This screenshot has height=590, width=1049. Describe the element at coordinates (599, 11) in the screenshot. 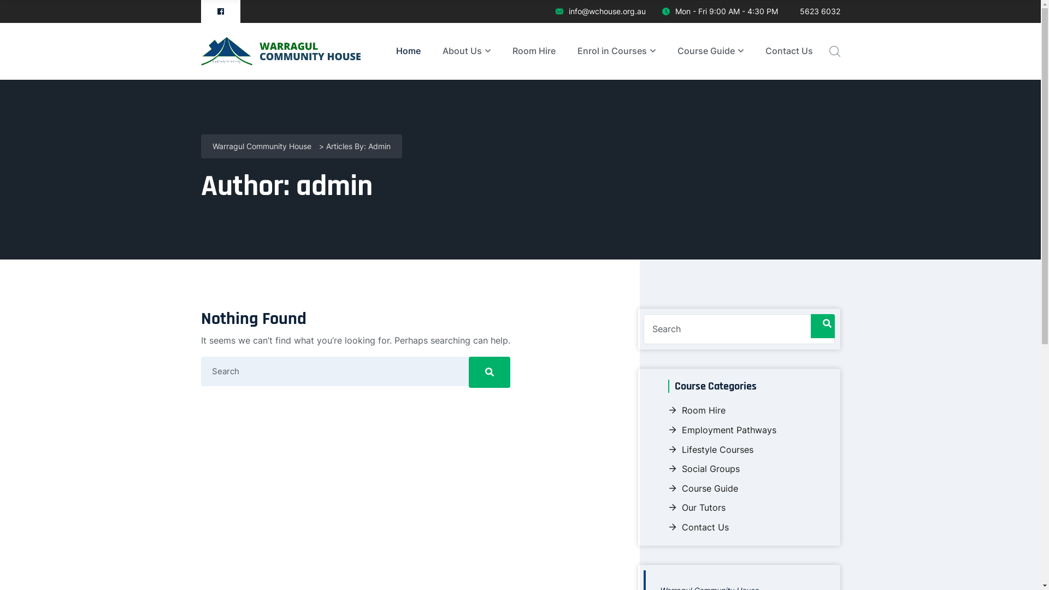

I see `'info@wchouse.org.au'` at that location.